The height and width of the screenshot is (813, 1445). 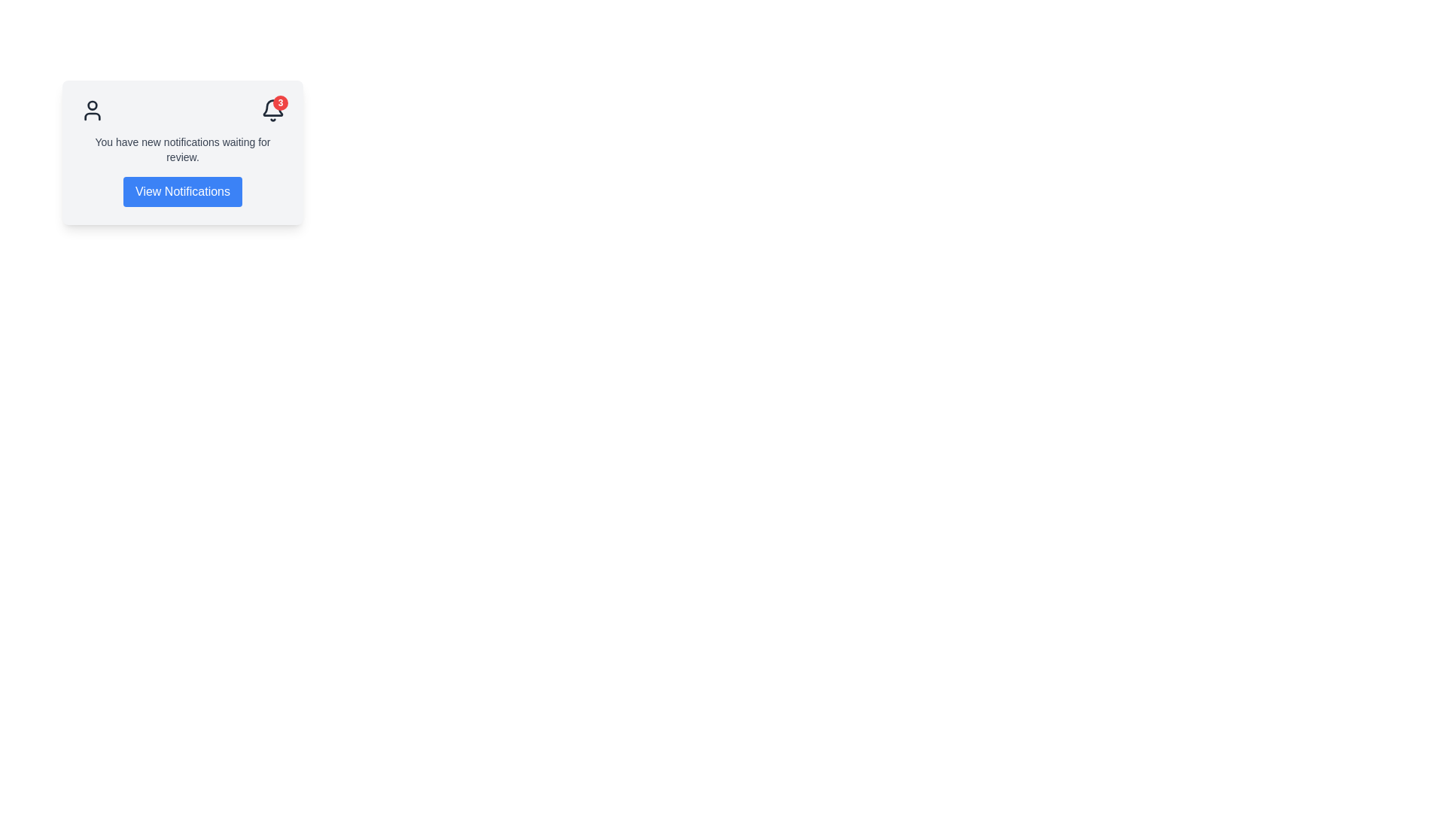 I want to click on the badge notification counter positioned at the top-right corner of the notification bell icon, which indicates the number of pending notifications, so click(x=281, y=102).